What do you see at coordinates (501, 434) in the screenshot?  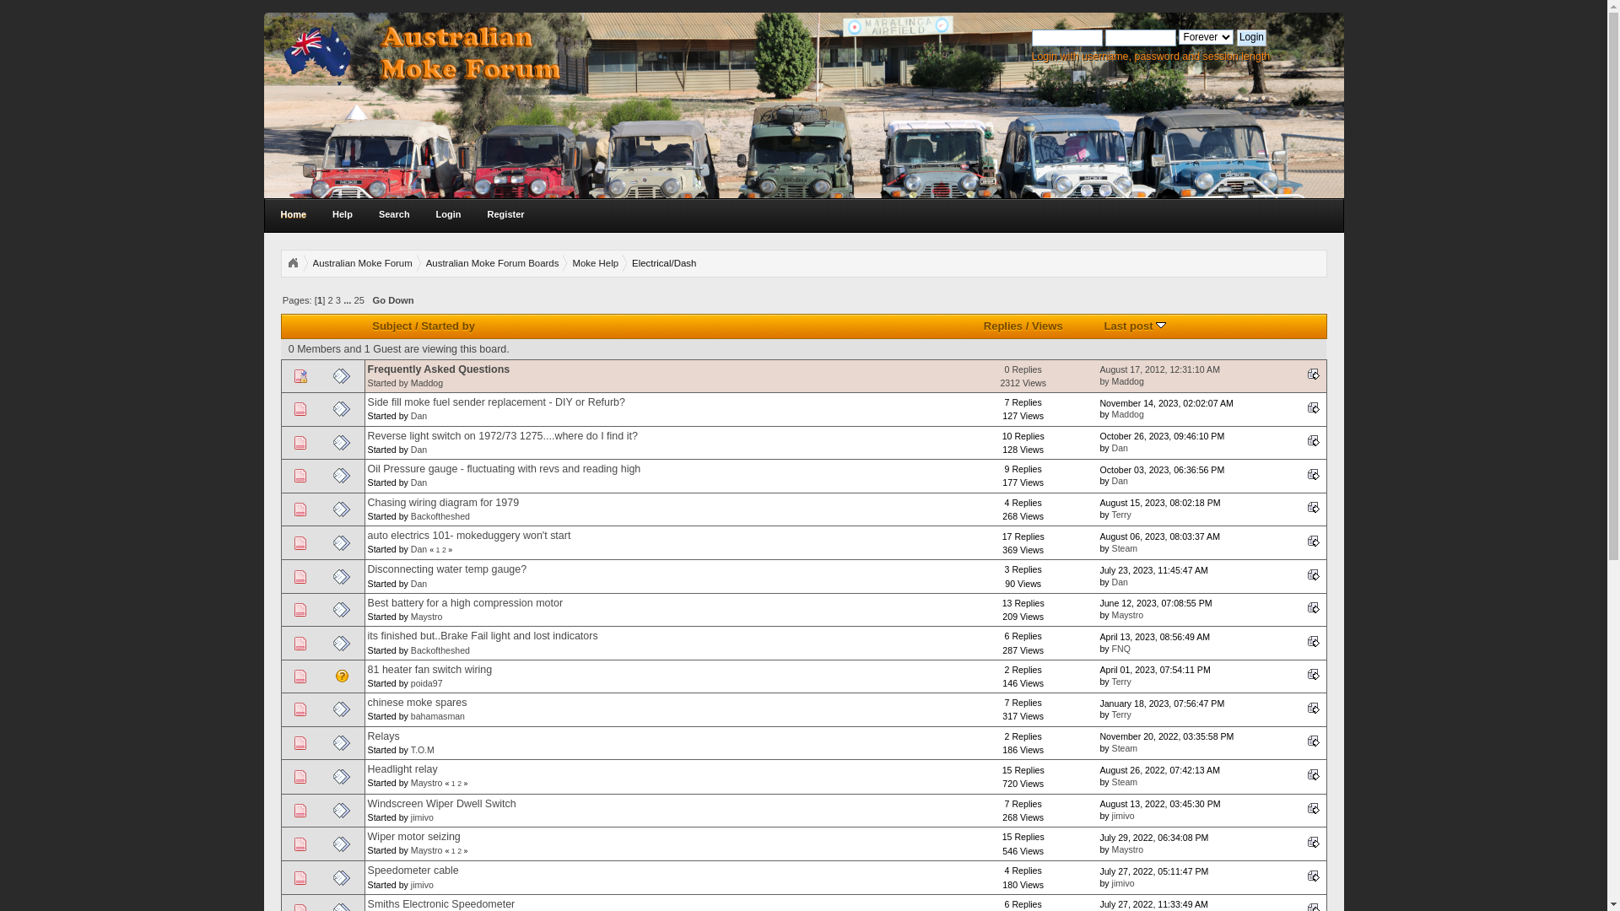 I see `'Reverse light switch on 1972/73 1275....where do I find it?'` at bounding box center [501, 434].